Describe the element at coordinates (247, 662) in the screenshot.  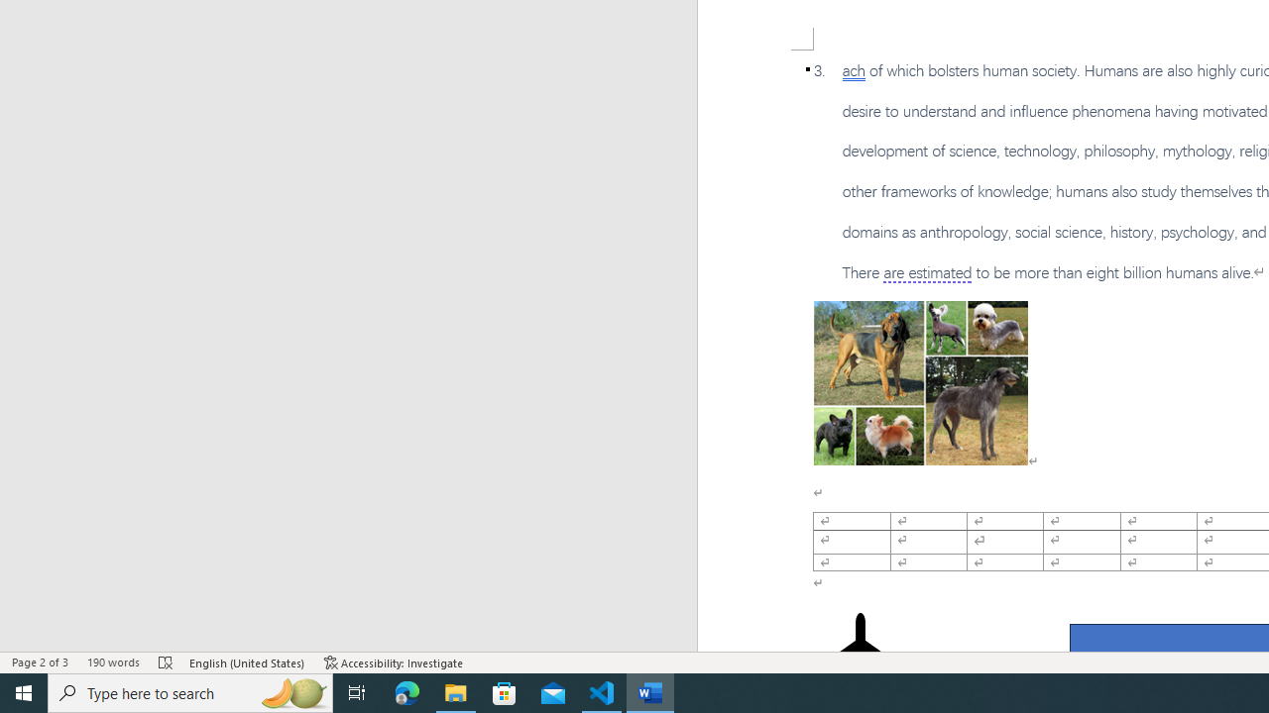
I see `'Language English (United States)'` at that location.